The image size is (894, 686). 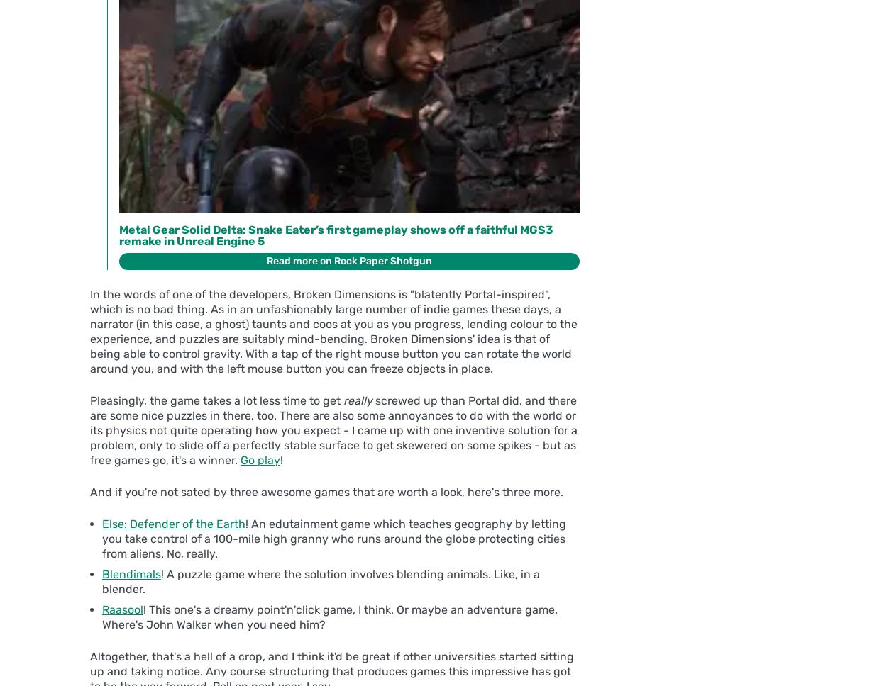 What do you see at coordinates (121, 609) in the screenshot?
I see `'Raasool'` at bounding box center [121, 609].